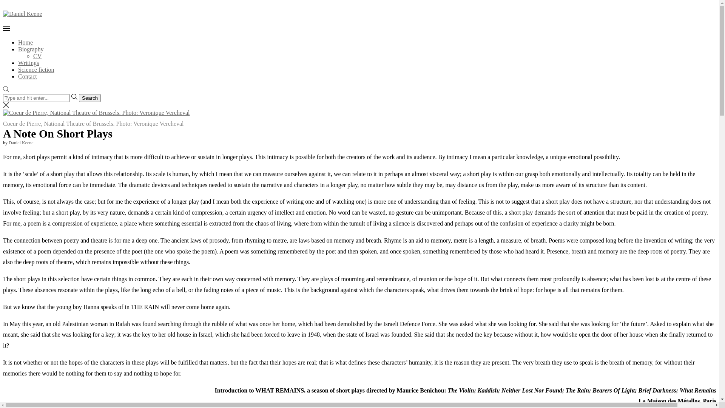  What do you see at coordinates (96, 113) in the screenshot?
I see `'Coeur de Pierre 6'` at bounding box center [96, 113].